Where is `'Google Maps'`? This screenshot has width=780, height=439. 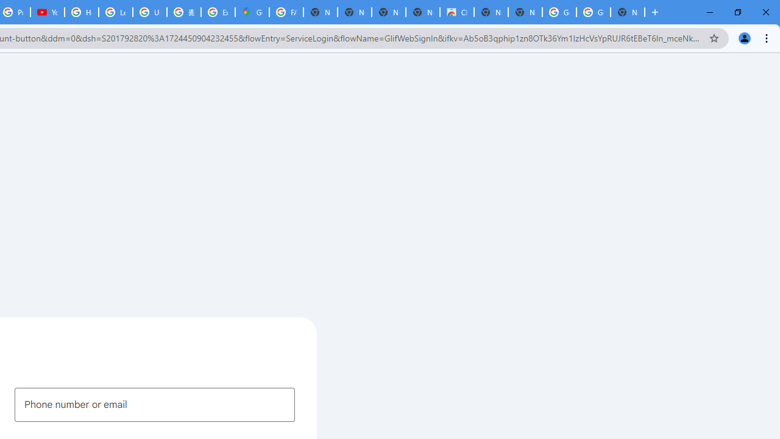
'Google Maps' is located at coordinates (252, 12).